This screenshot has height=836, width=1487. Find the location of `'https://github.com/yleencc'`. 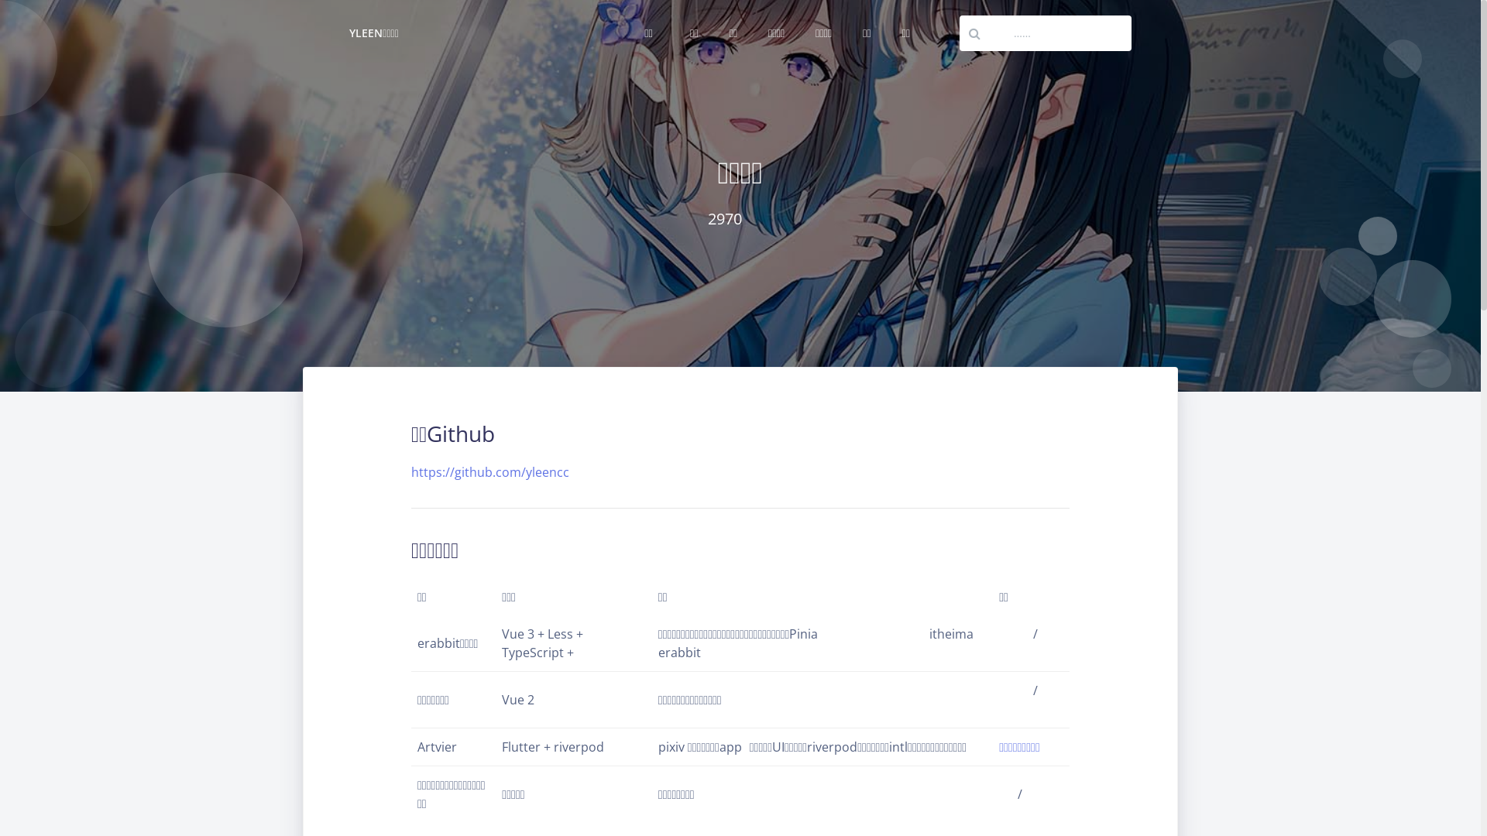

'https://github.com/yleencc' is located at coordinates (489, 471).